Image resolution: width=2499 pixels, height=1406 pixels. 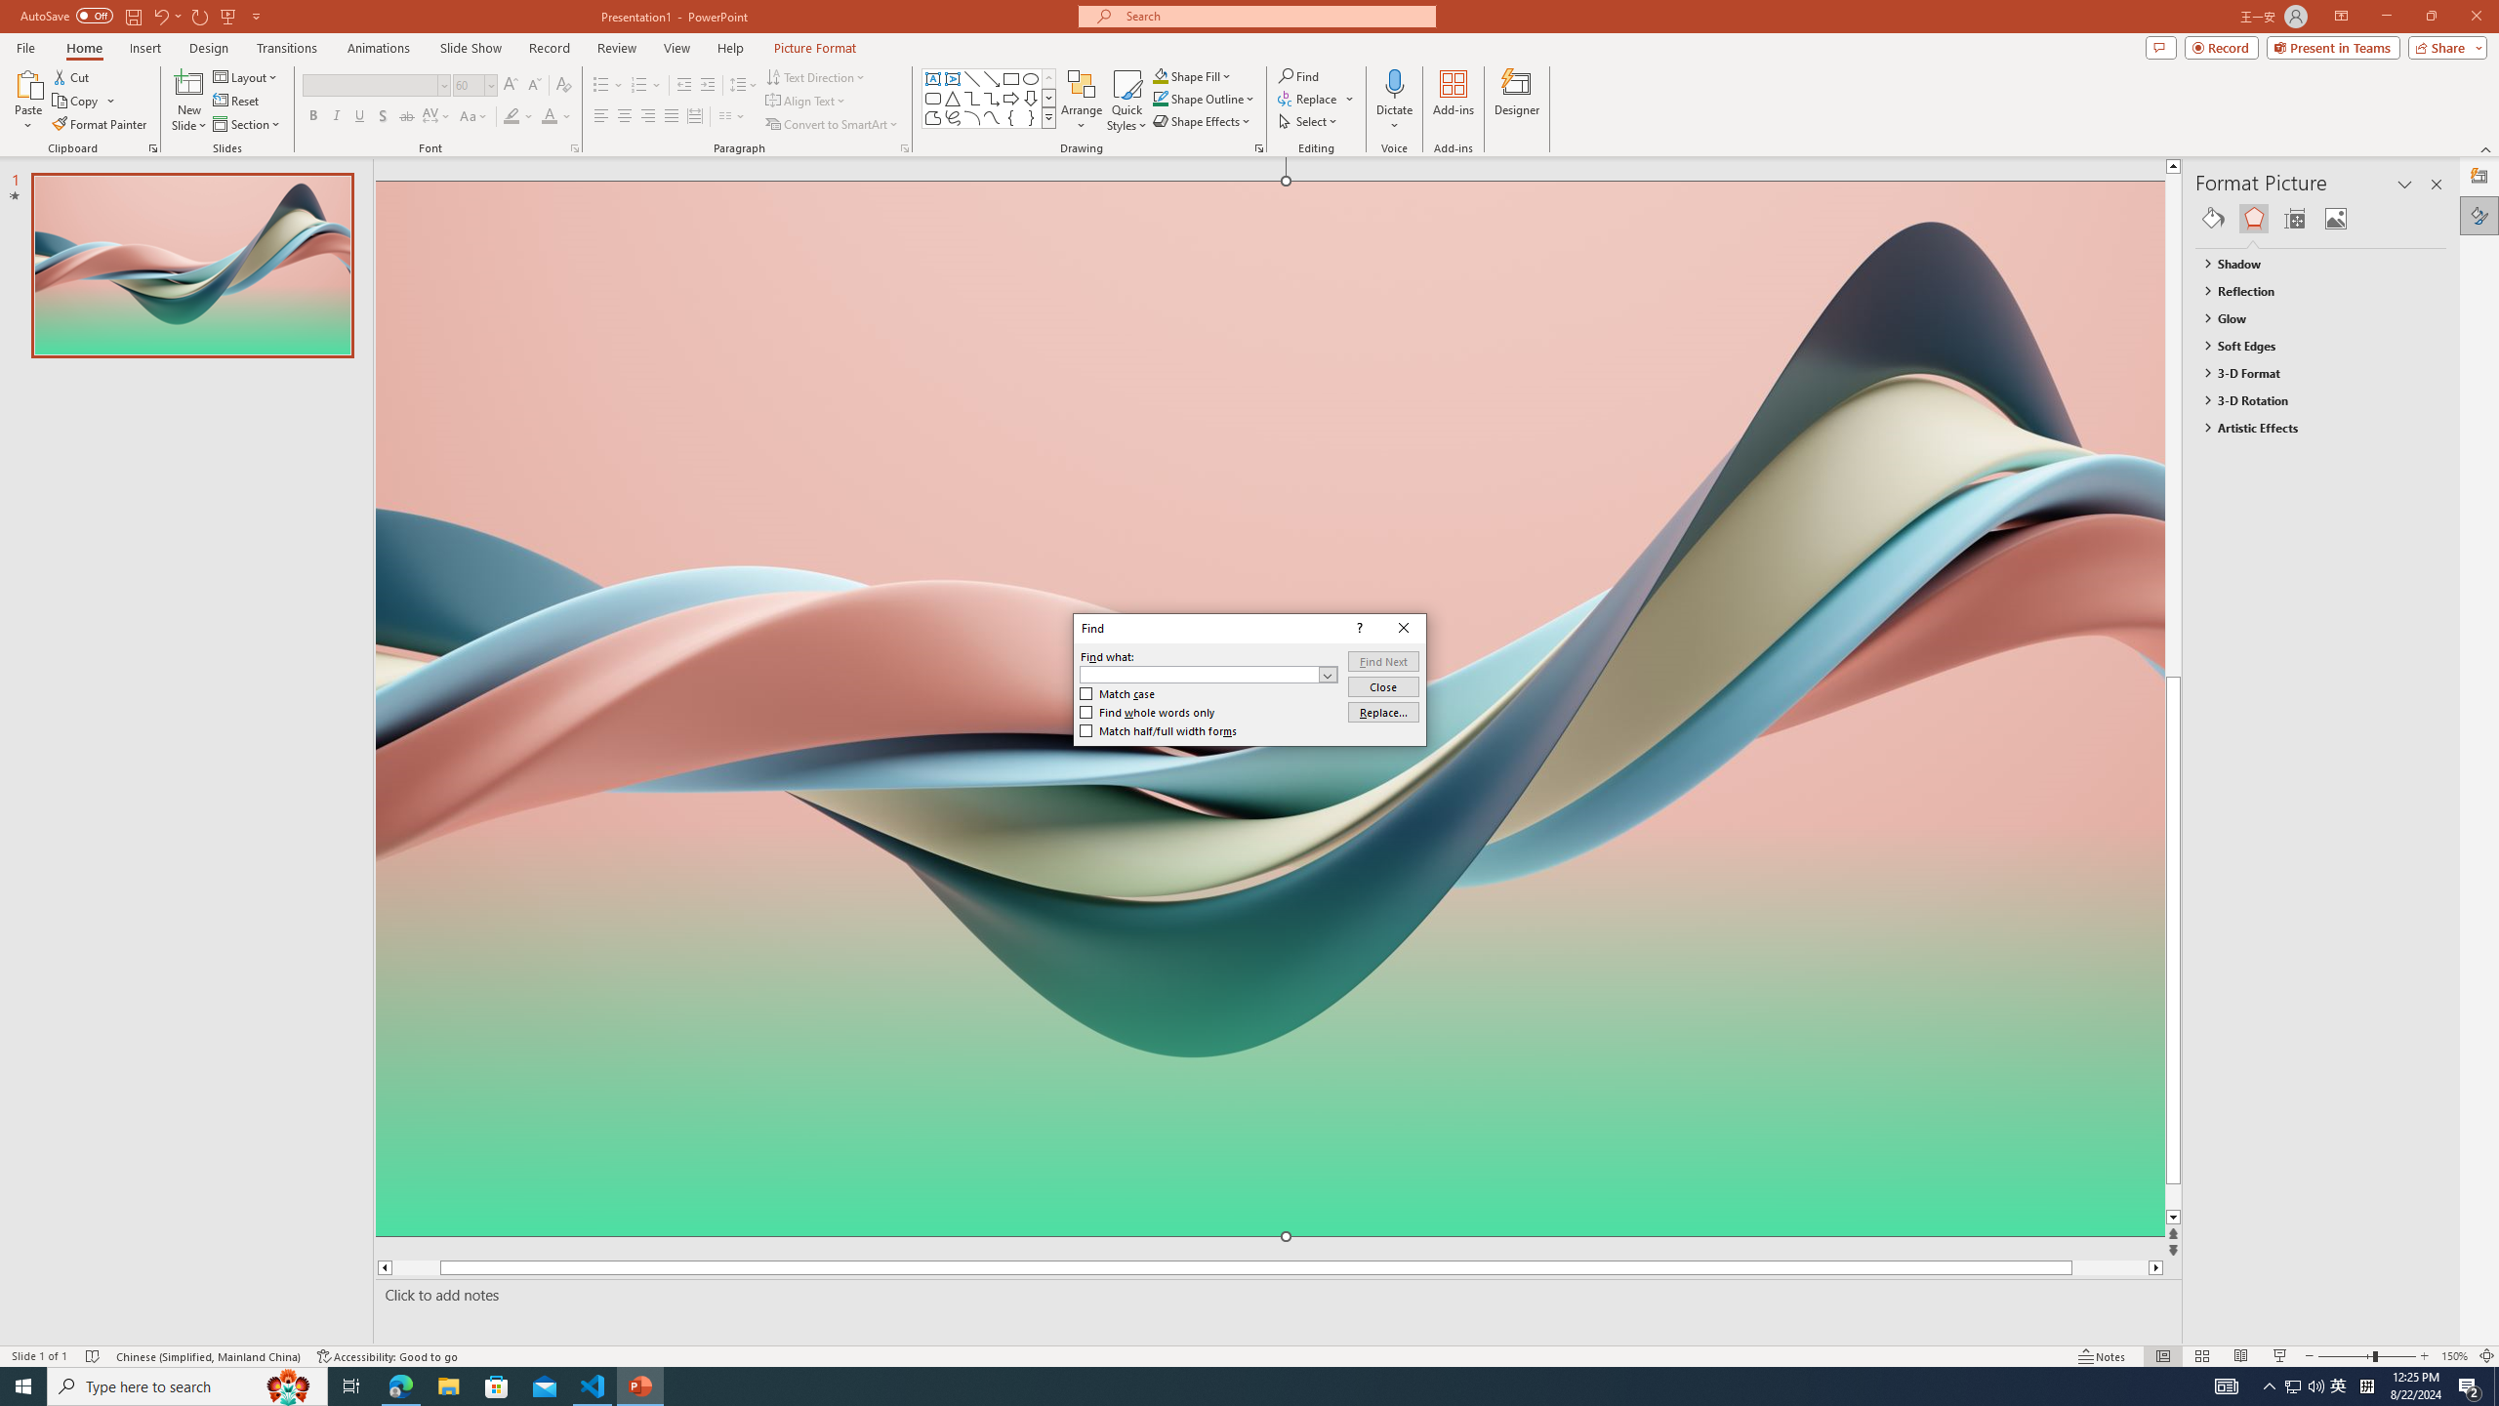 I want to click on 'Font Color Red', so click(x=549, y=115).